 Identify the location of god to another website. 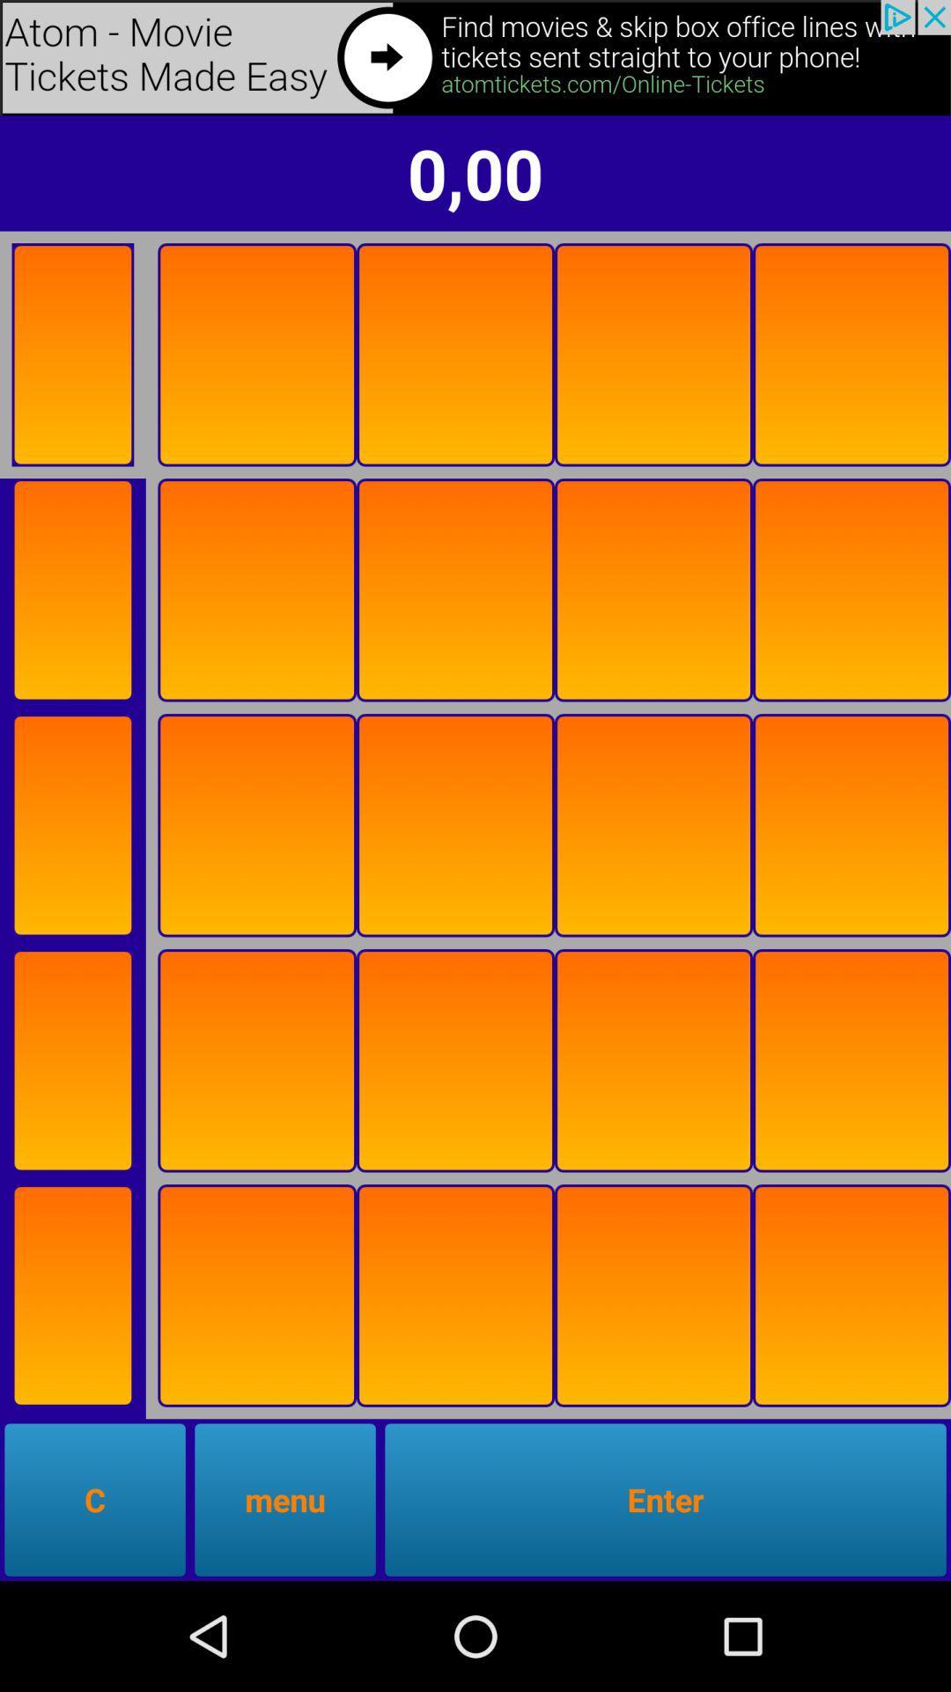
(475, 57).